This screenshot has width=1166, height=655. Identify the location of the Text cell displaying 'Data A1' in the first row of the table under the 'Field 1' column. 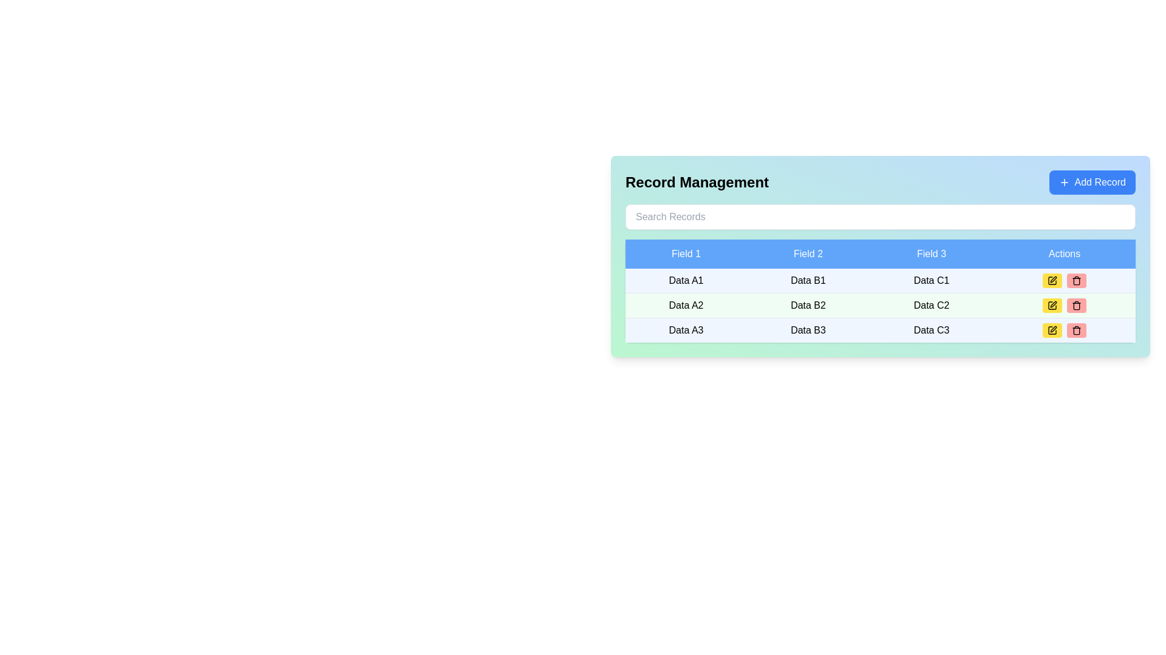
(686, 281).